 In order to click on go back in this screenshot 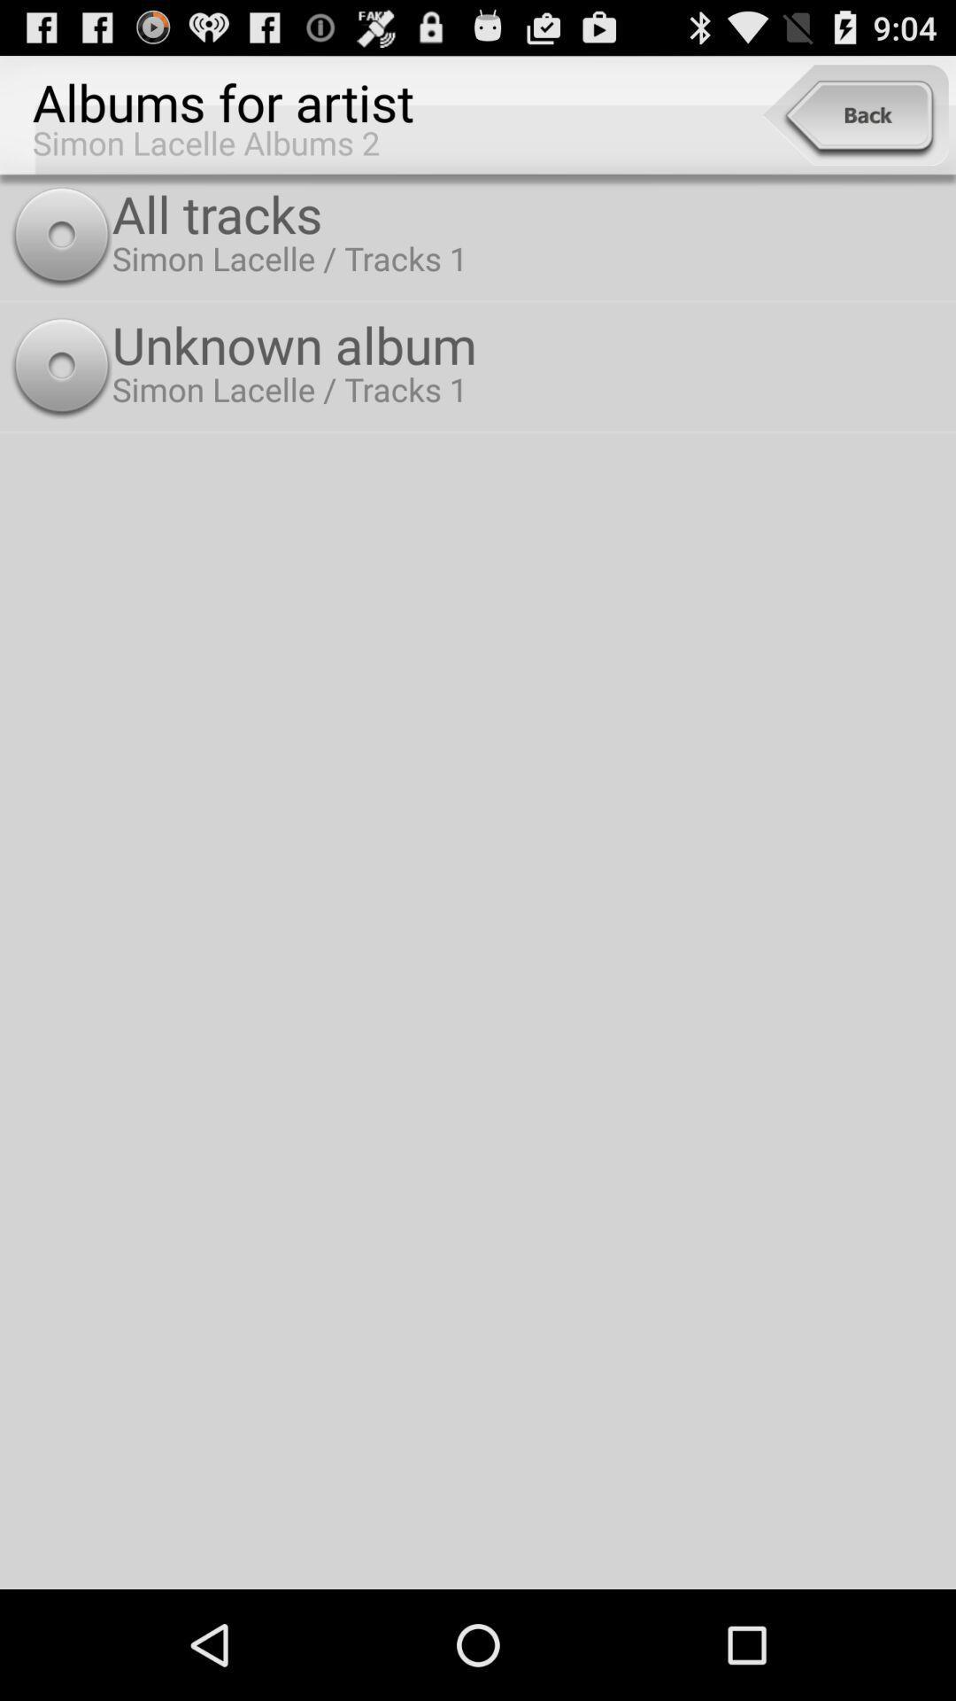, I will do `click(854, 114)`.